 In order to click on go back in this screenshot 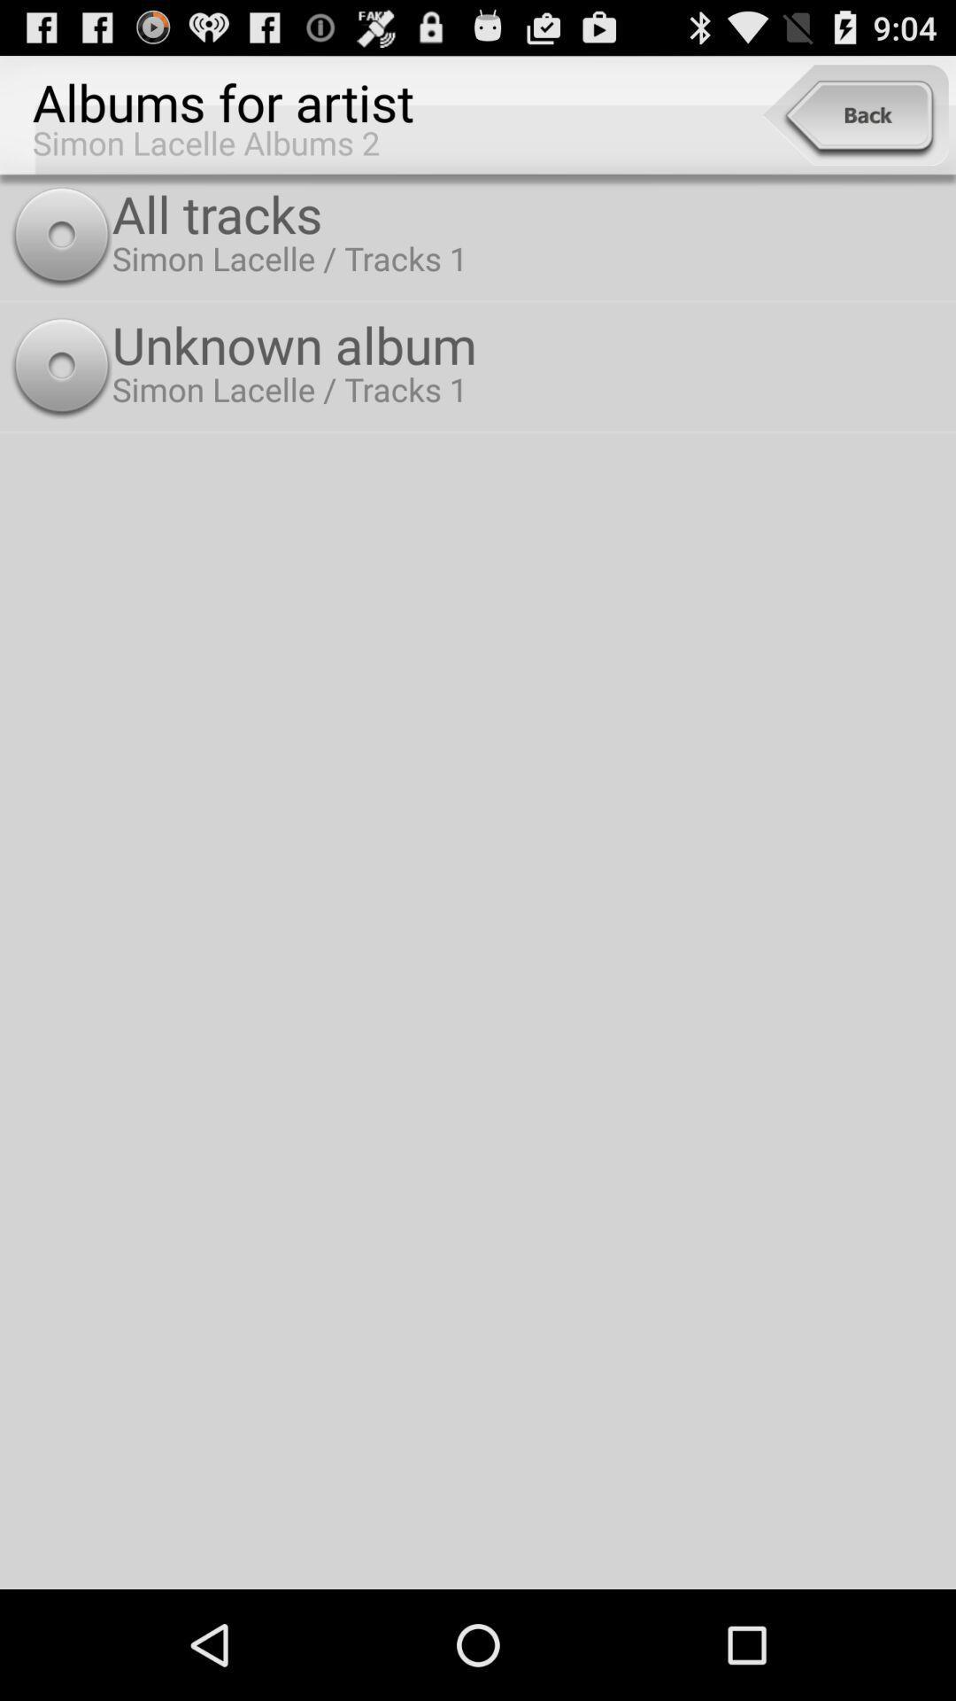, I will do `click(854, 114)`.